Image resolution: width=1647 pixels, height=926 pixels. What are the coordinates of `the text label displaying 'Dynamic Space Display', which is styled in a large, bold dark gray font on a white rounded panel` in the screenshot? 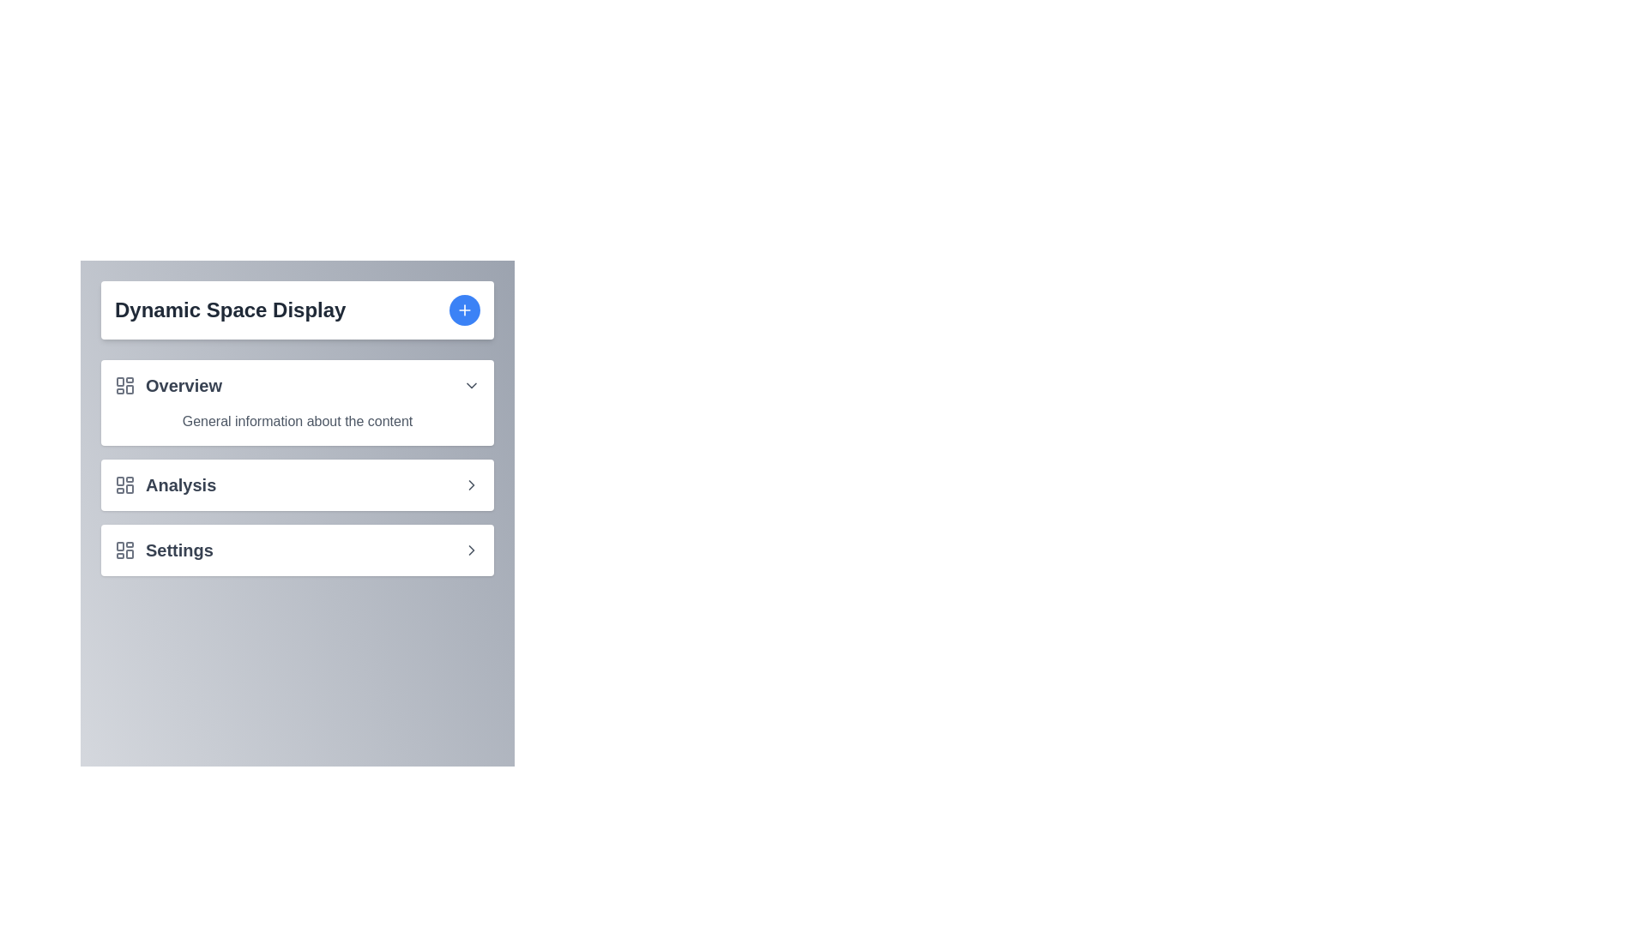 It's located at (229, 310).